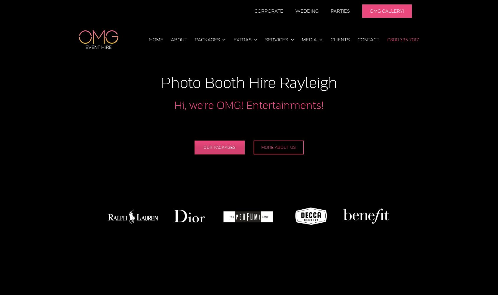  Describe the element at coordinates (238, 138) in the screenshot. I see `'Email Optin'` at that location.